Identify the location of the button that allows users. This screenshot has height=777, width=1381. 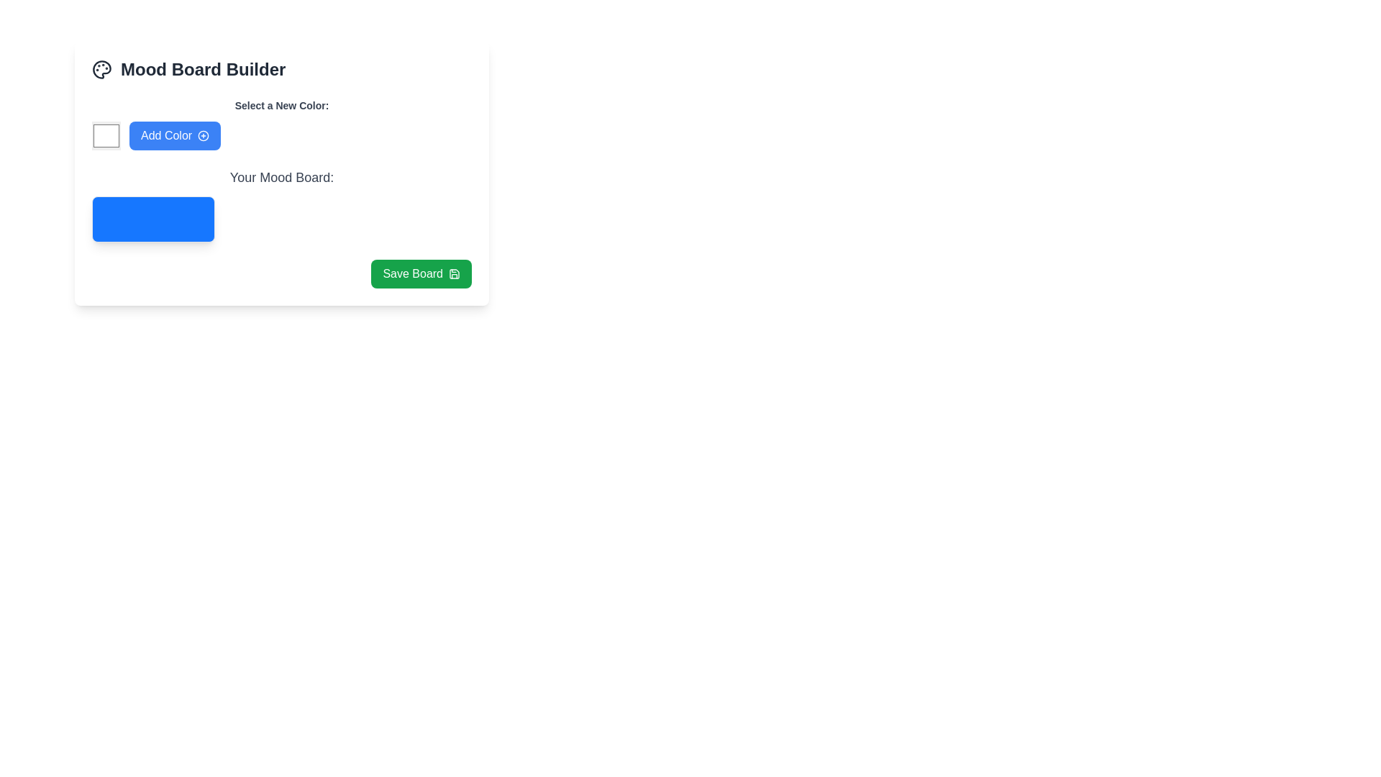
(174, 136).